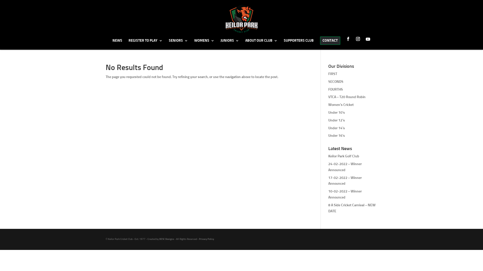 The width and height of the screenshot is (483, 271). What do you see at coordinates (330, 43) in the screenshot?
I see `'CONTACT'` at bounding box center [330, 43].